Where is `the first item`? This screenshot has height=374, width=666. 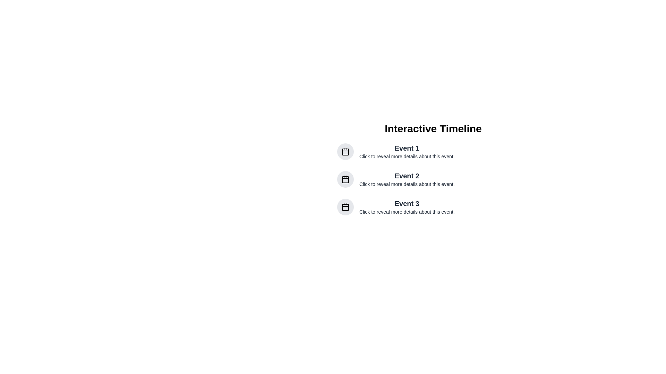 the first item is located at coordinates (433, 151).